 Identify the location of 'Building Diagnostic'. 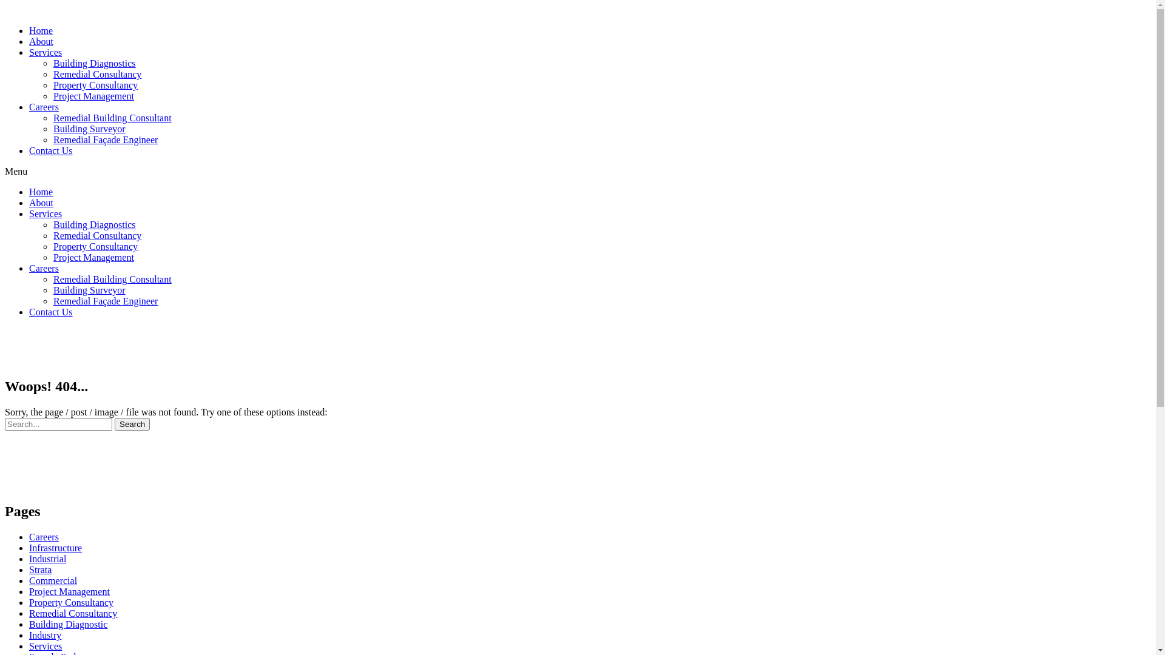
(67, 624).